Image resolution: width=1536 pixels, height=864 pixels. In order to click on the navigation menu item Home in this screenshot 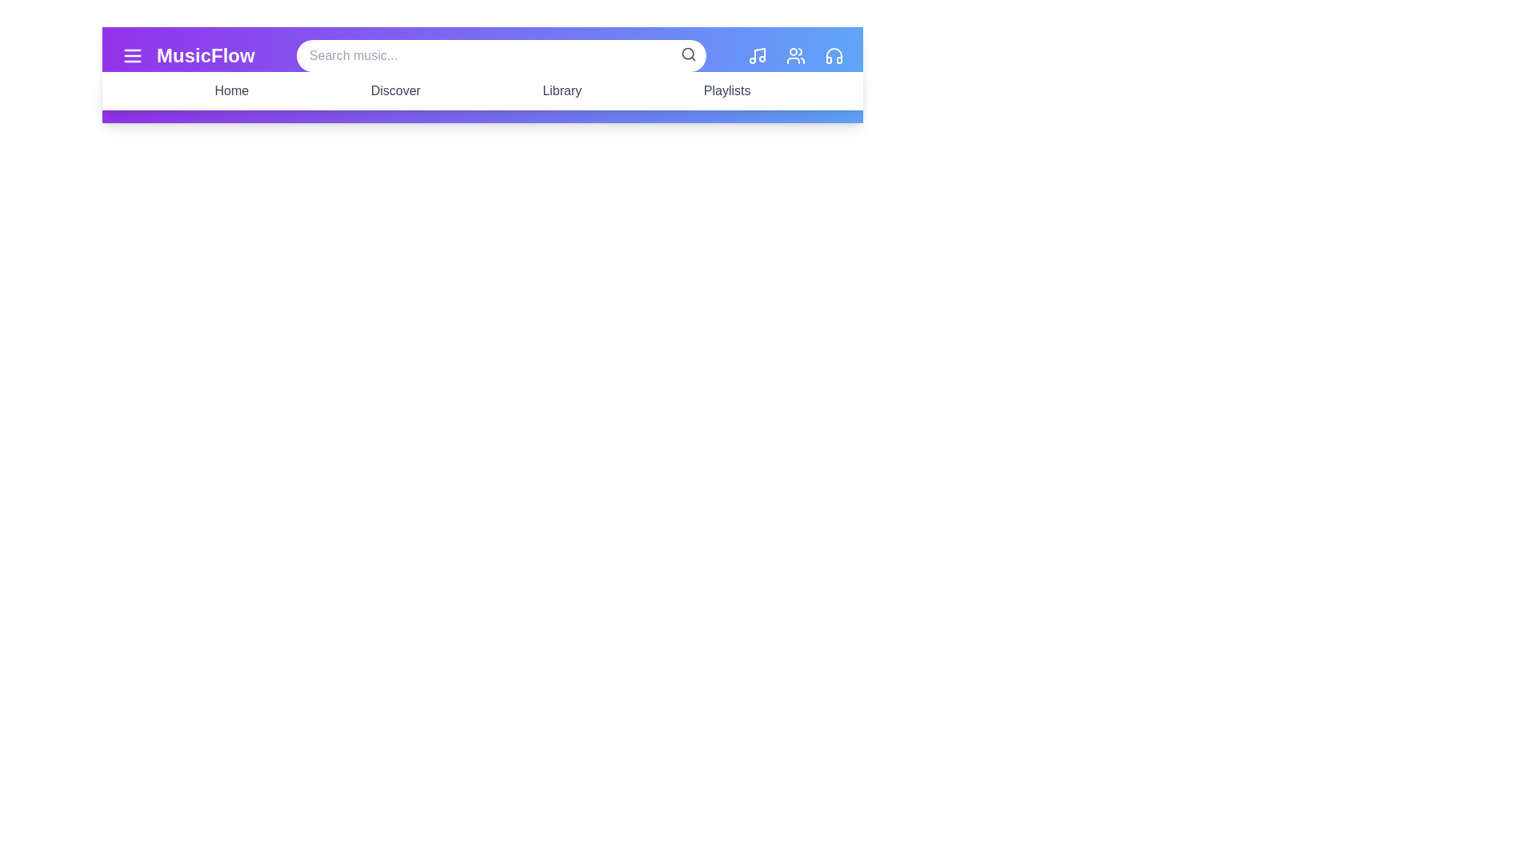, I will do `click(230, 91)`.